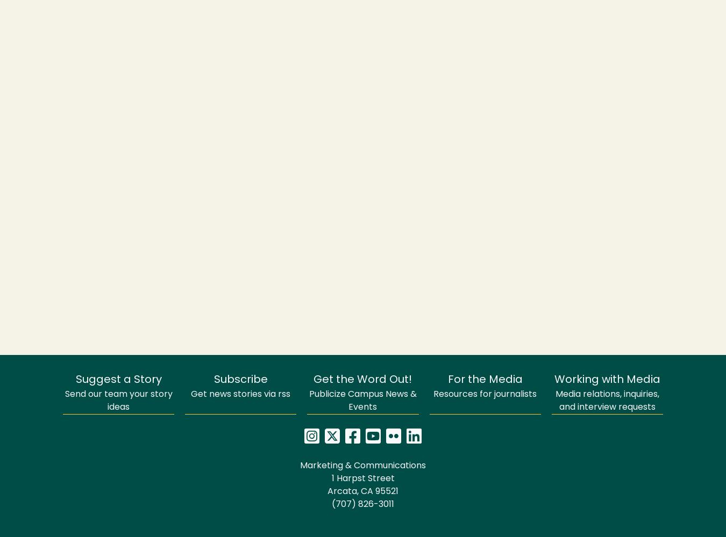 The height and width of the screenshot is (537, 726). Describe the element at coordinates (118, 401) in the screenshot. I see `'Send our team your story ideas'` at that location.